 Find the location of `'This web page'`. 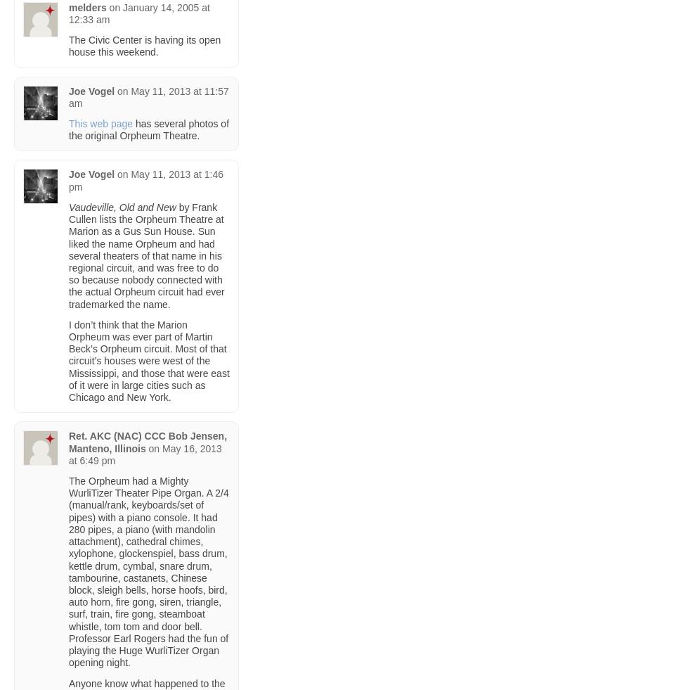

'This web page' is located at coordinates (100, 122).